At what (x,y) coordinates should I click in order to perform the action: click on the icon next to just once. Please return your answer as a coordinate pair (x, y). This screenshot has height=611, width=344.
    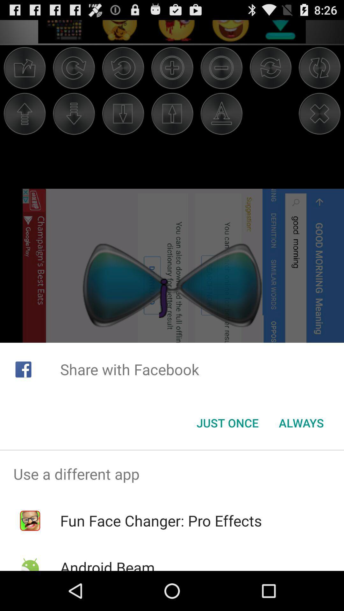
    Looking at the image, I should click on (301, 423).